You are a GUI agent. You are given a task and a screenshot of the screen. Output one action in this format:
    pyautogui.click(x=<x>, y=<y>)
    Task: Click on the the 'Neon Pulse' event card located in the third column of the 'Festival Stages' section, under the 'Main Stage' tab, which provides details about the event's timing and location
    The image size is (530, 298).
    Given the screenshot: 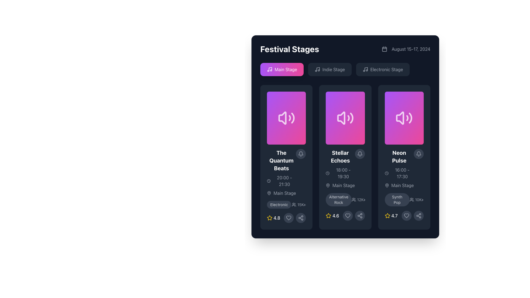 What is the action you would take?
    pyautogui.click(x=399, y=169)
    